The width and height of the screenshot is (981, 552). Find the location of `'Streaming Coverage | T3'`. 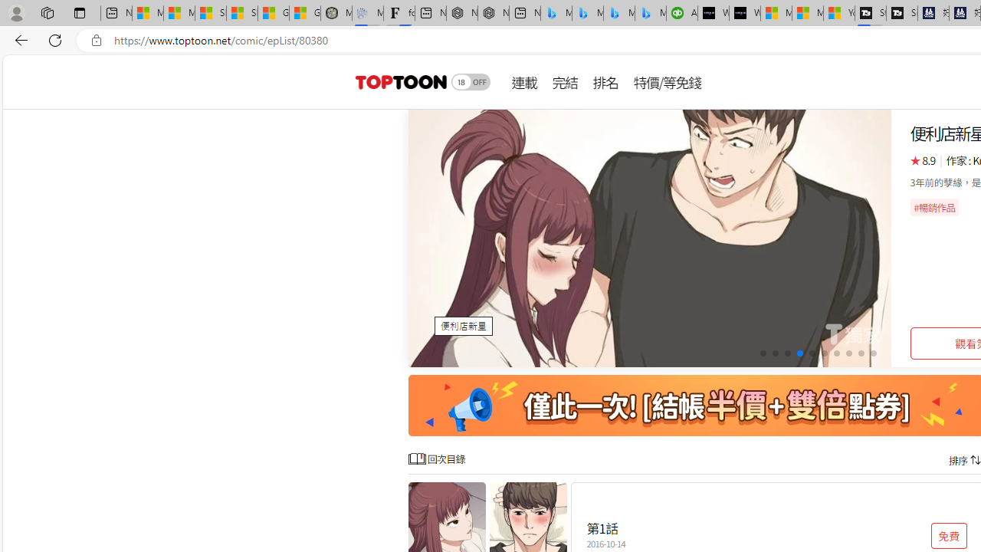

'Streaming Coverage | T3' is located at coordinates (871, 13).